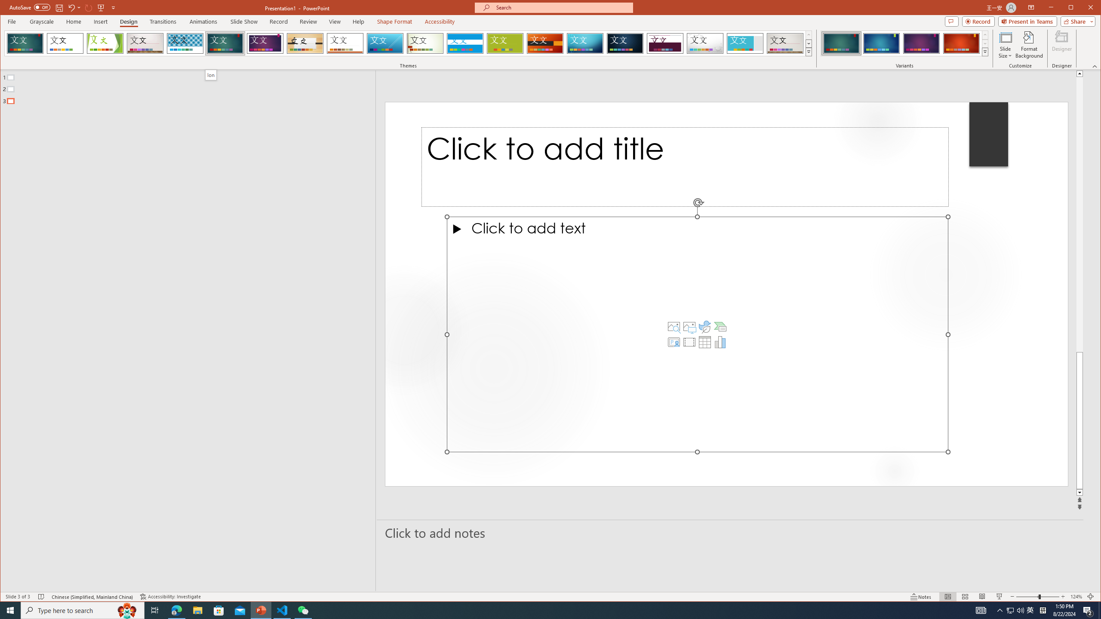  I want to click on 'Banded', so click(464, 43).